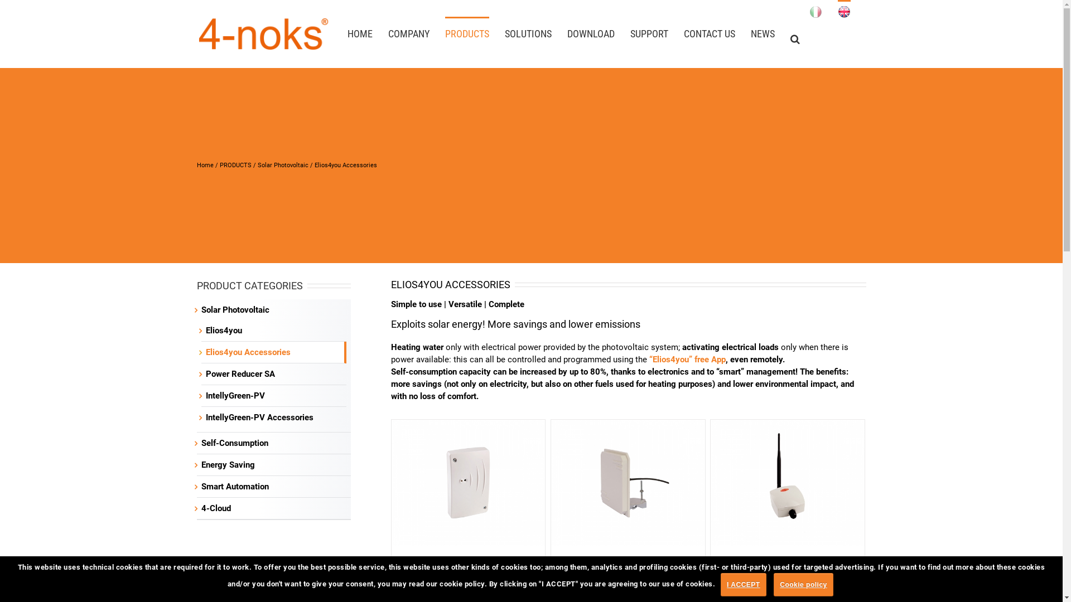  What do you see at coordinates (215, 508) in the screenshot?
I see `'4-Cloud'` at bounding box center [215, 508].